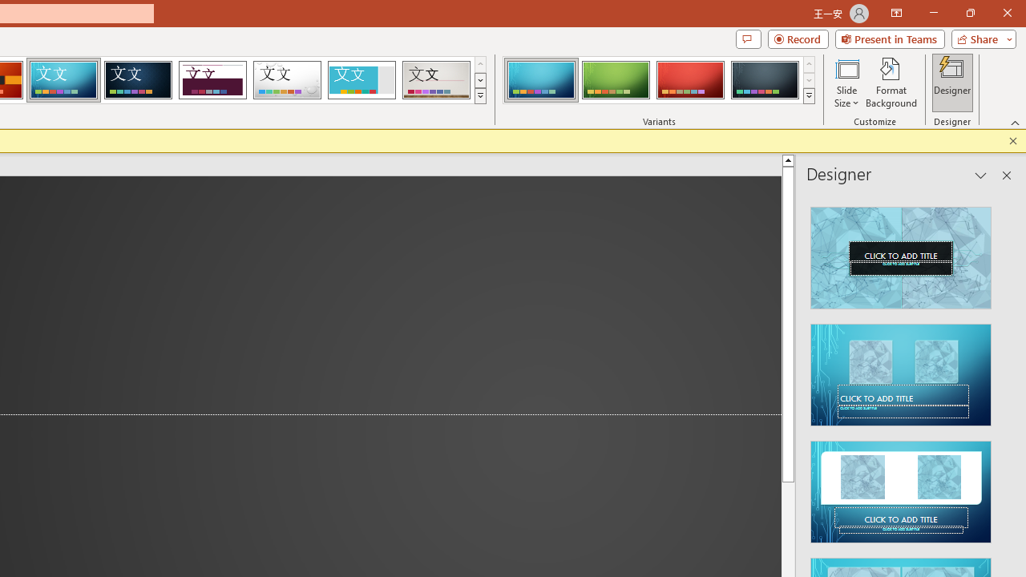  Describe the element at coordinates (479, 96) in the screenshot. I see `'Themes'` at that location.